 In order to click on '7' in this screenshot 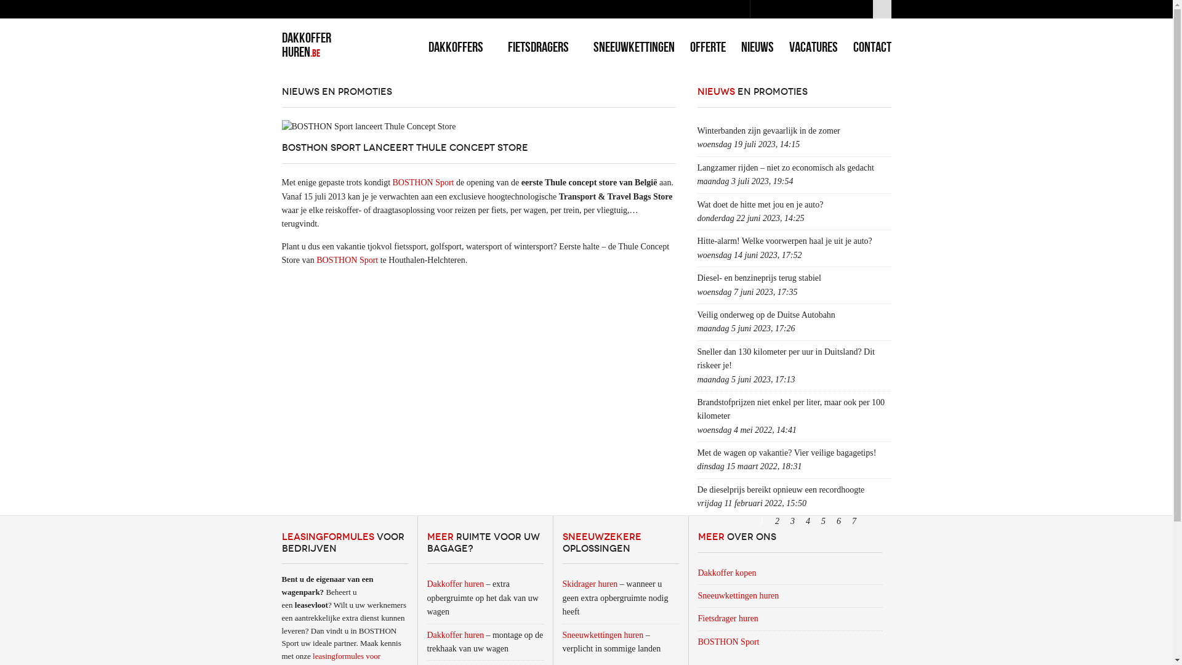, I will do `click(853, 522)`.